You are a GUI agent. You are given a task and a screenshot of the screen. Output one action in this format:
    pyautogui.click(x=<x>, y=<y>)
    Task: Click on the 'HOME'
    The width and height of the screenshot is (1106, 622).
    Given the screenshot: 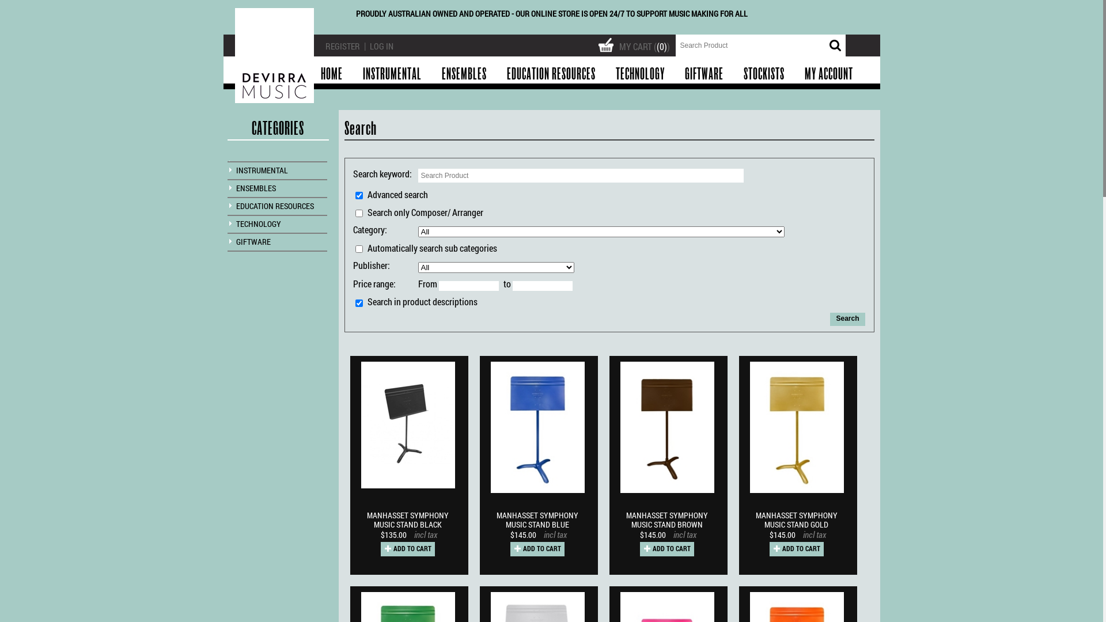 What is the action you would take?
    pyautogui.click(x=331, y=74)
    